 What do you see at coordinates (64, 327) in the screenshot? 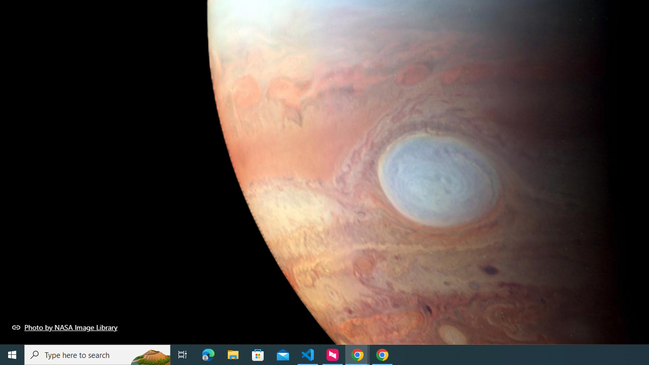
I see `'Photo by NASA Image Library'` at bounding box center [64, 327].